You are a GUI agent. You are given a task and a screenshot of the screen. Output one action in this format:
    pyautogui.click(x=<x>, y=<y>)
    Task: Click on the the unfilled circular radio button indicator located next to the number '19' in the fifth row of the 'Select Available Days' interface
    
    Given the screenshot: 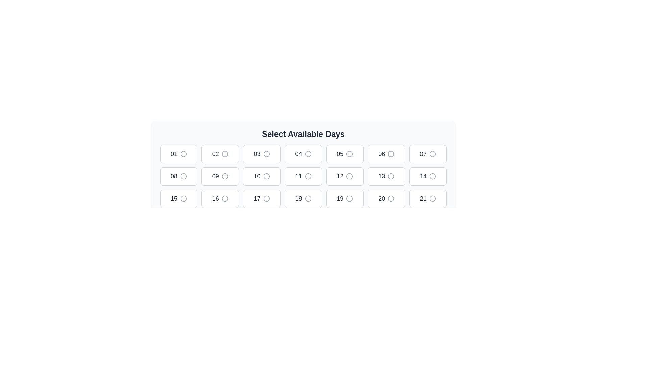 What is the action you would take?
    pyautogui.click(x=350, y=198)
    